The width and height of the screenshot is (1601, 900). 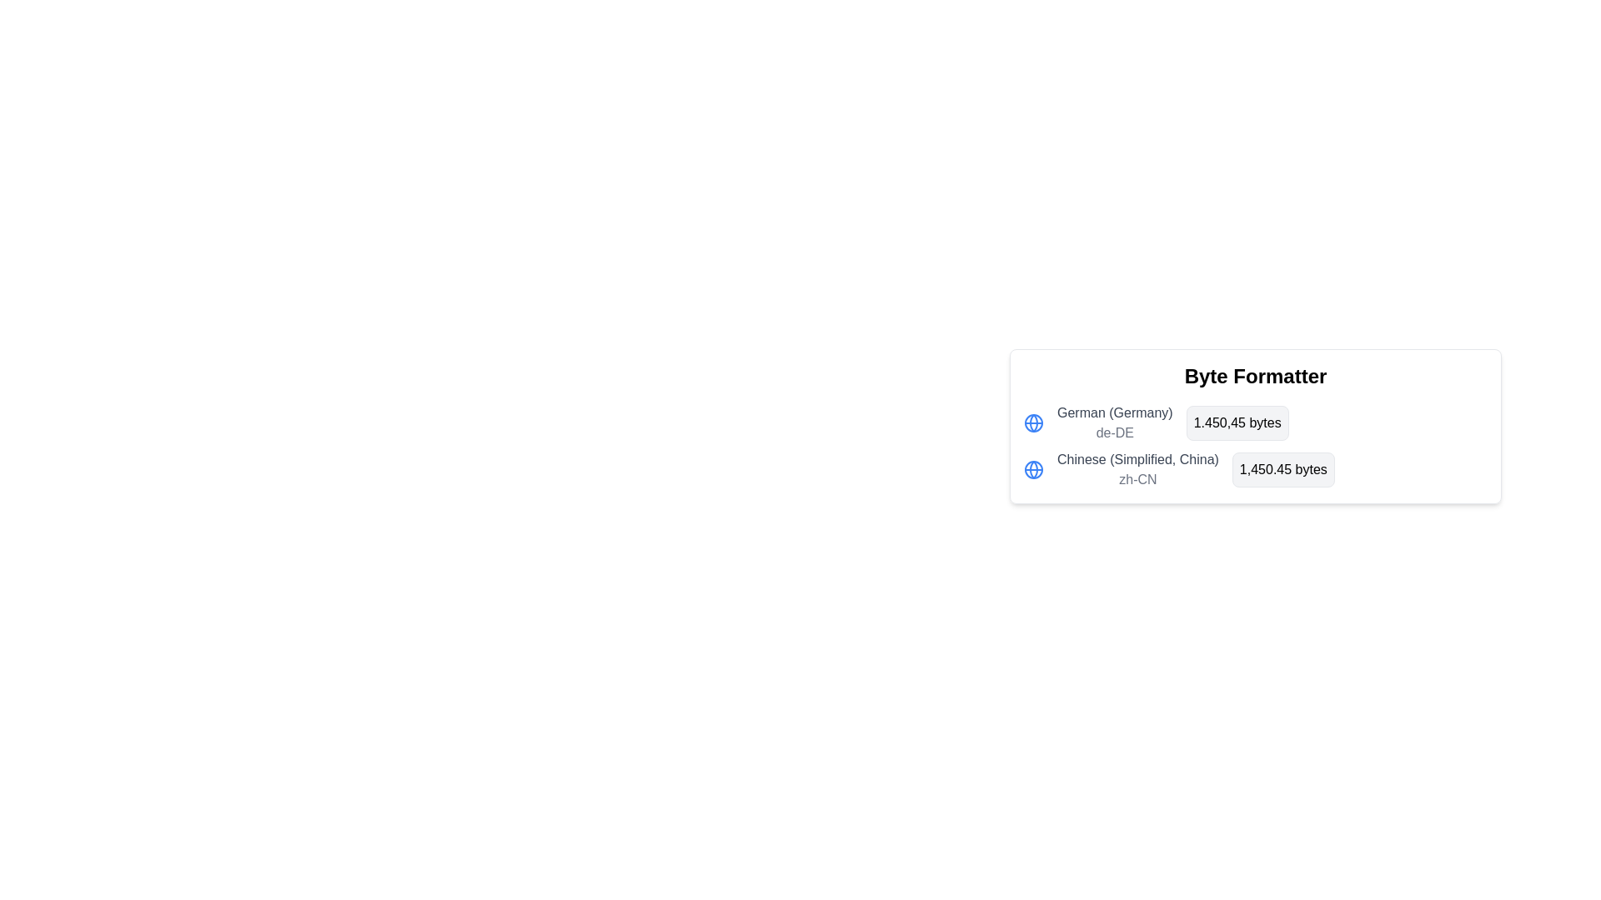 What do you see at coordinates (1137, 459) in the screenshot?
I see `text of the language option label indicating 'Simplified Chinese', located below 'German (Germany)' in the Byte Formatter interface` at bounding box center [1137, 459].